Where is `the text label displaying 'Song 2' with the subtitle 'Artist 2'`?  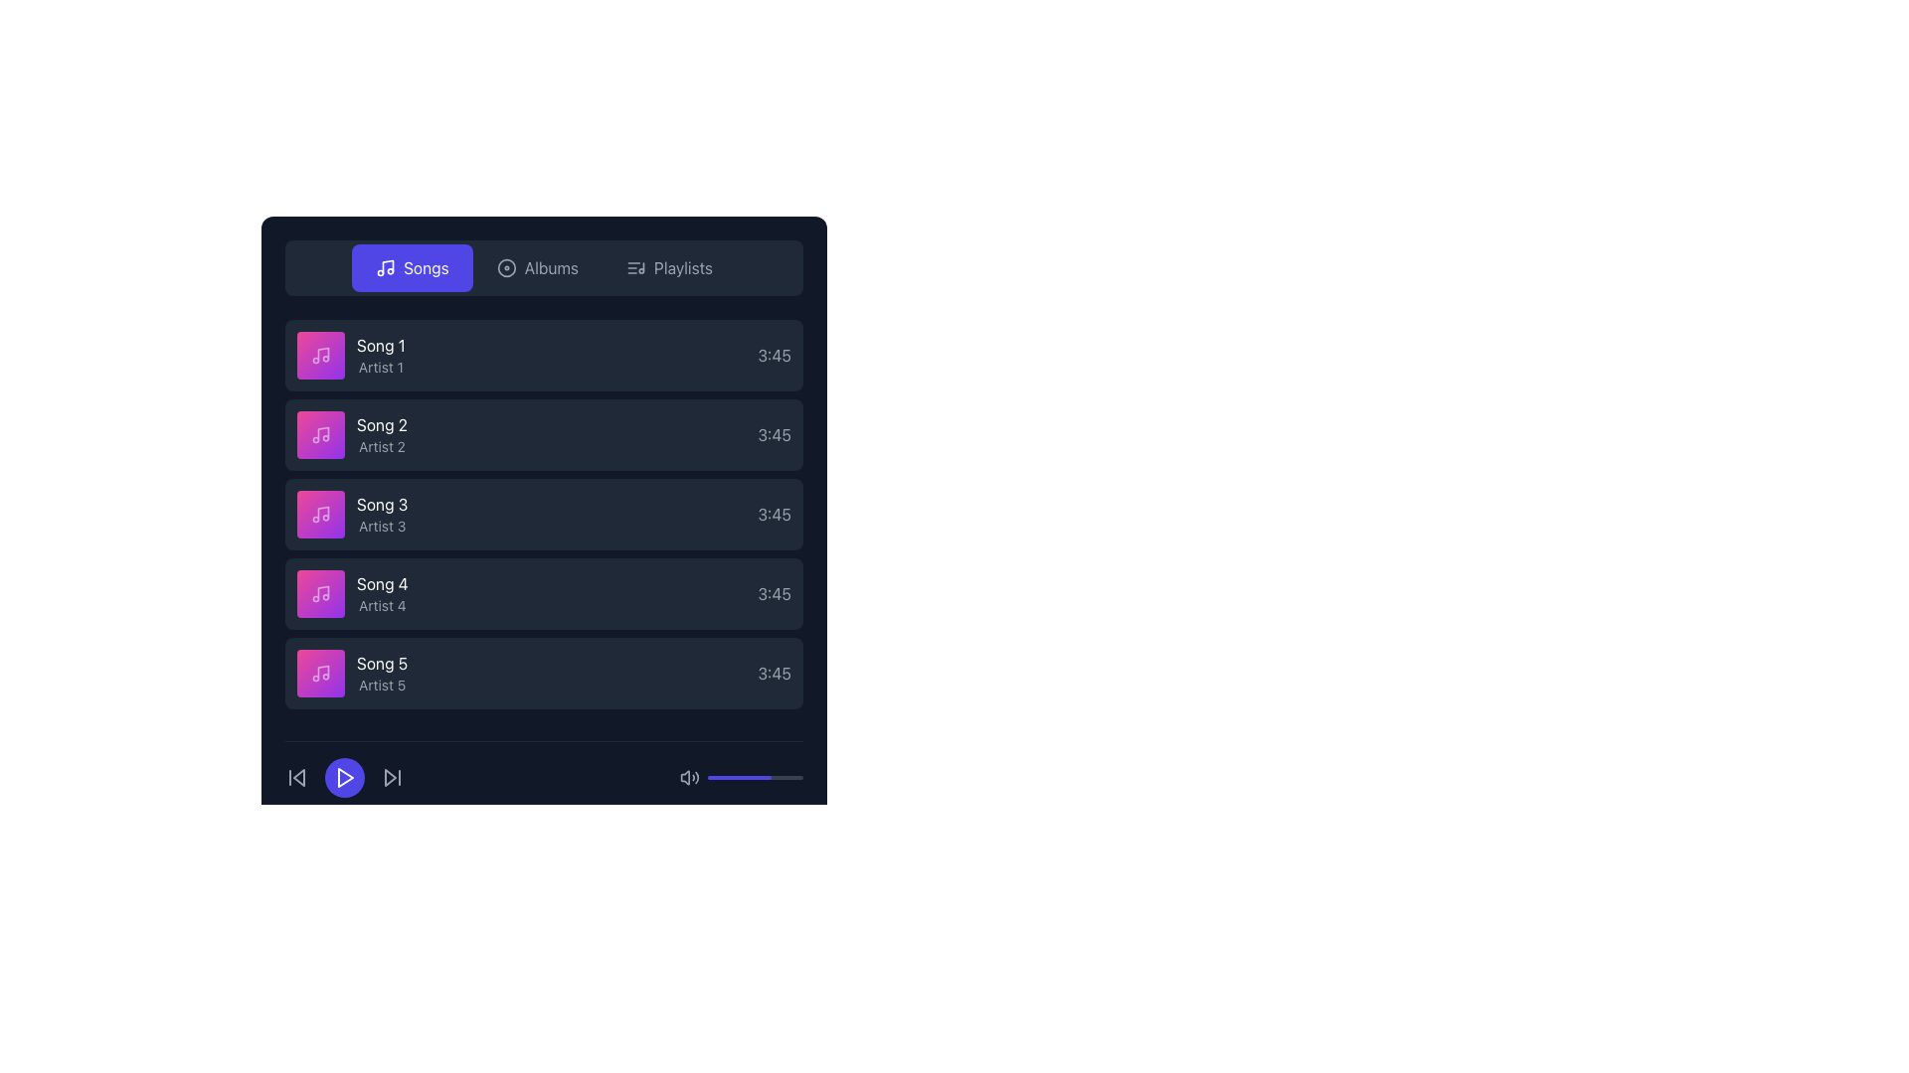
the text label displaying 'Song 2' with the subtitle 'Artist 2' is located at coordinates (382, 434).